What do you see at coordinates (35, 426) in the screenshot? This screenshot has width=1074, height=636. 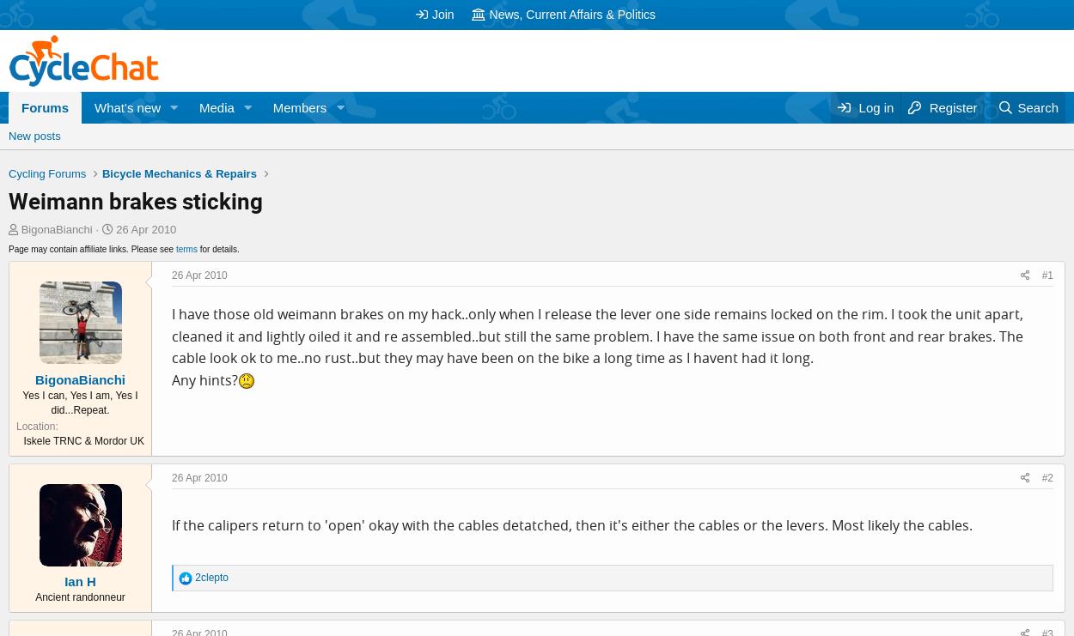 I see `'Location'` at bounding box center [35, 426].